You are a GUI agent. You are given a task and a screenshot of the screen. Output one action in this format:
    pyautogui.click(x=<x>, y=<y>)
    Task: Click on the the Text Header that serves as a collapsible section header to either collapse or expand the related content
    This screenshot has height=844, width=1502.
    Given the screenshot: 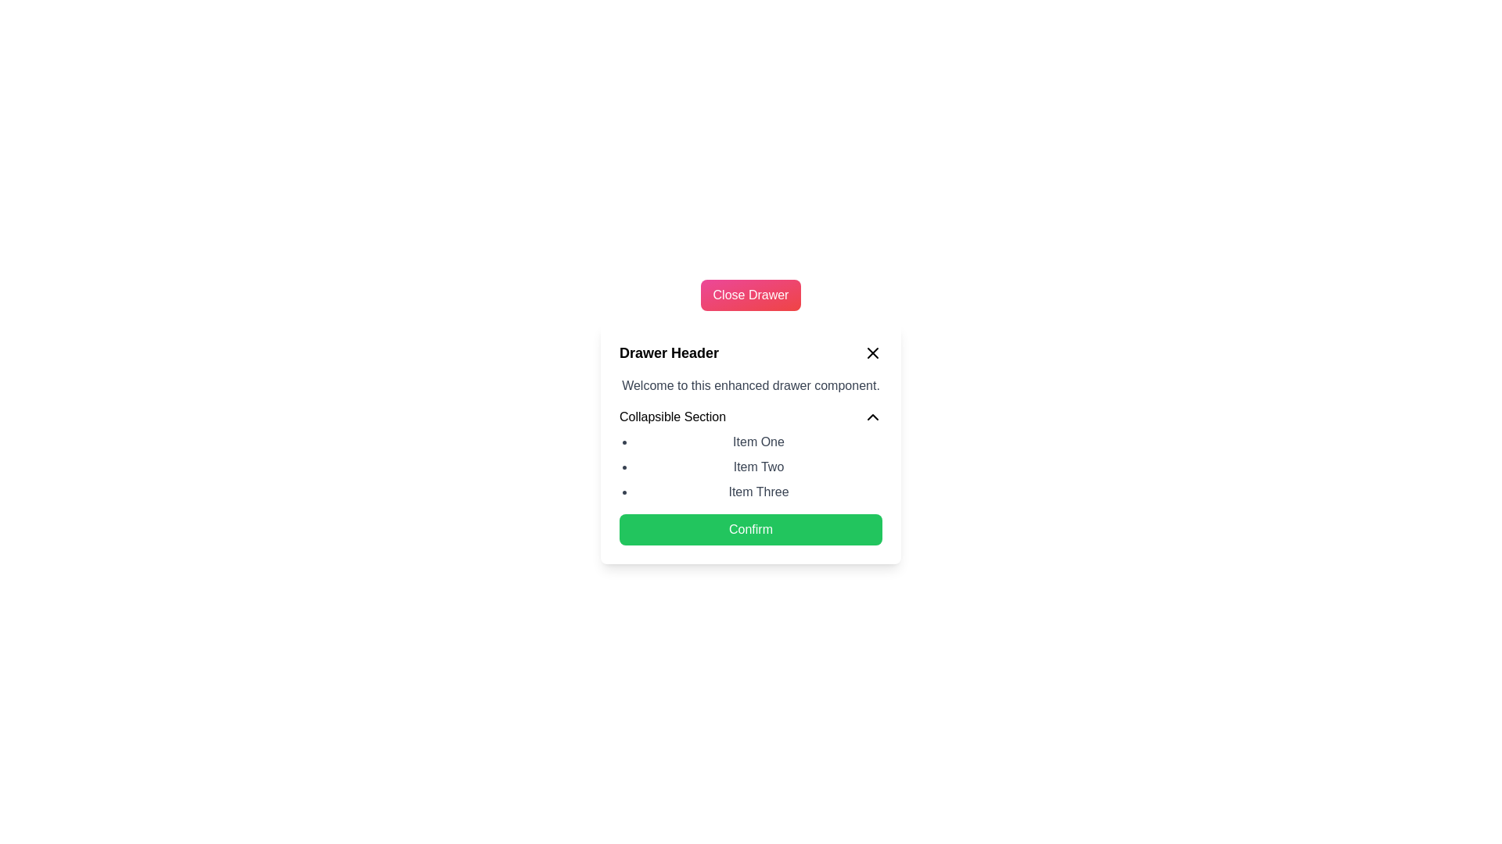 What is the action you would take?
    pyautogui.click(x=672, y=416)
    